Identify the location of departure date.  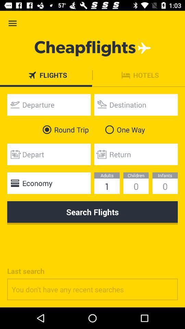
(48, 105).